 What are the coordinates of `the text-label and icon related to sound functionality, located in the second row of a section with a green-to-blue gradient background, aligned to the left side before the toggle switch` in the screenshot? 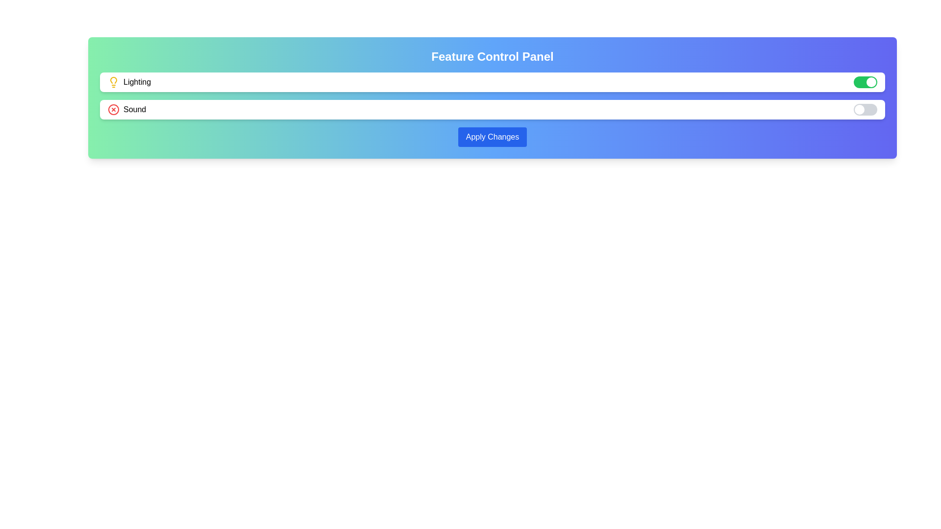 It's located at (126, 109).